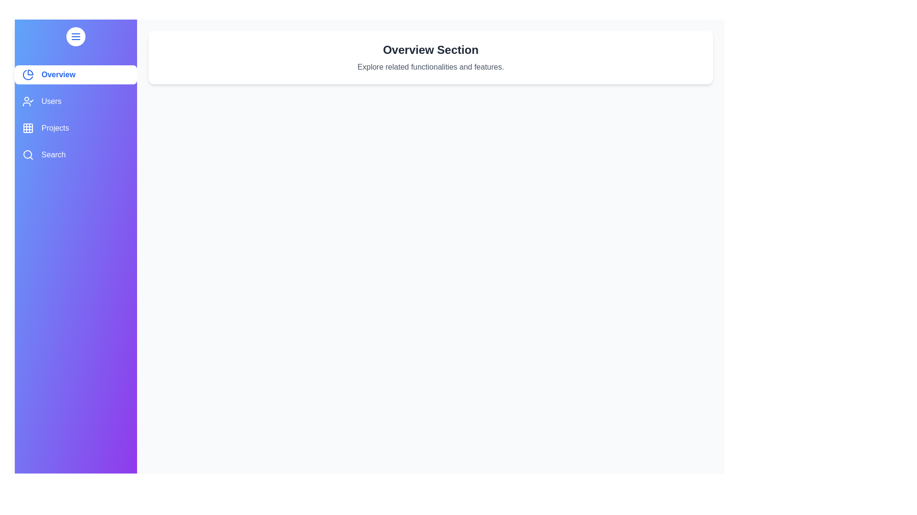  What do you see at coordinates (75, 154) in the screenshot?
I see `the sidebar item labeled Search to view its hover effect` at bounding box center [75, 154].